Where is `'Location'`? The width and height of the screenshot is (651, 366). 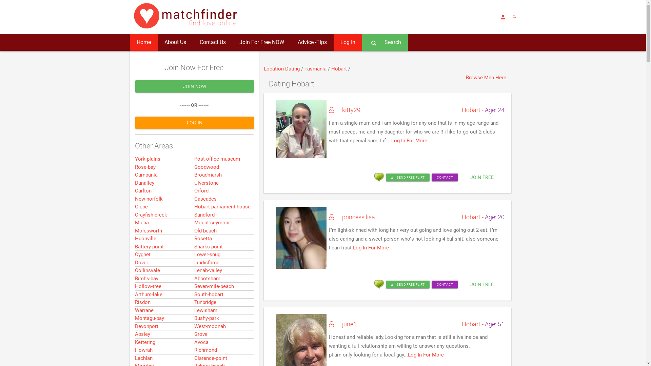
'Location' is located at coordinates (274, 69).